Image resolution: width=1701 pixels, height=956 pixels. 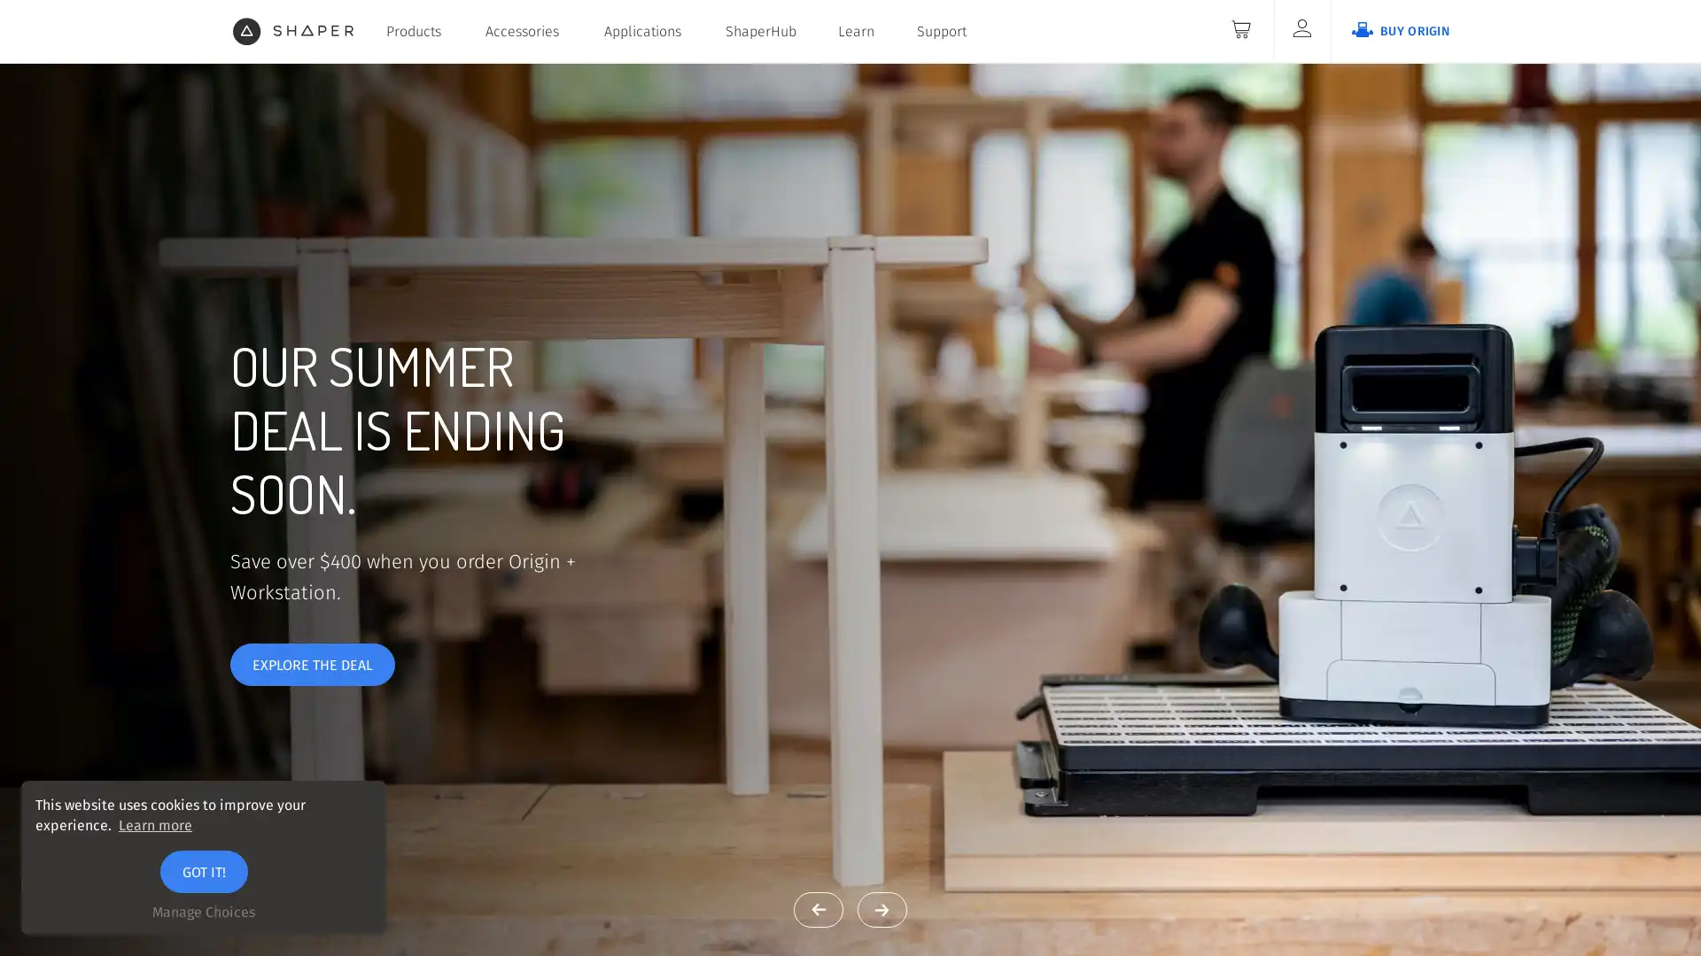 I want to click on GOT IT!, so click(x=203, y=870).